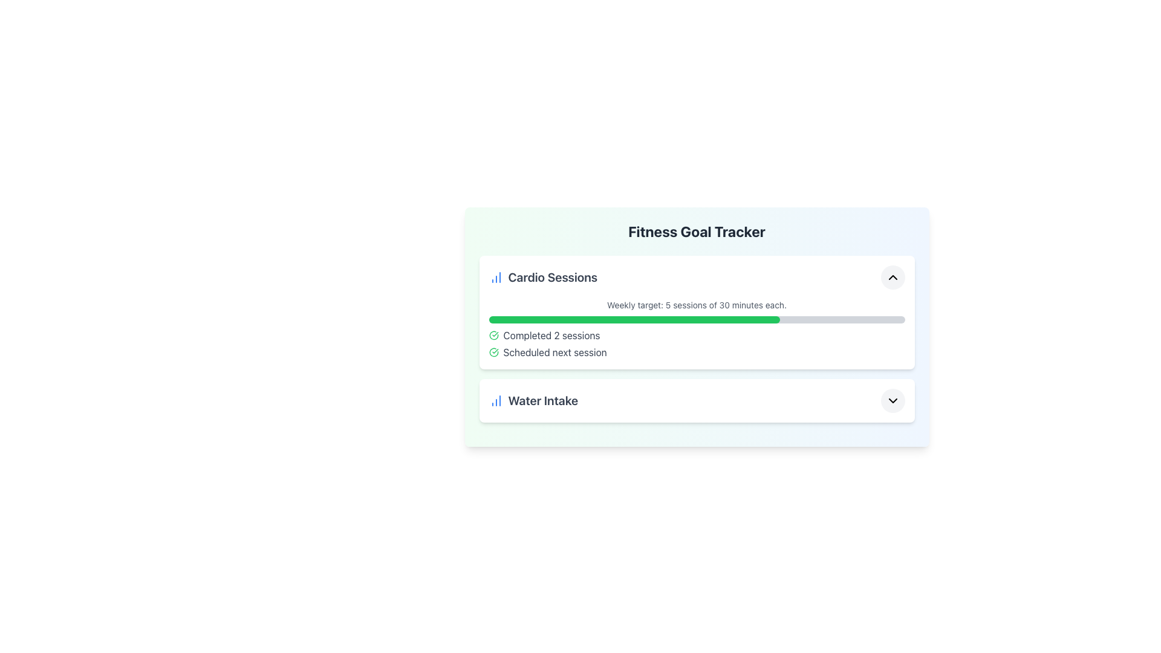  Describe the element at coordinates (493, 336) in the screenshot. I see `the circular confirmation icon with a green stroke and checkmark, which indicates successful completion, located to the left of the text 'Completed 2 sessions'` at that location.